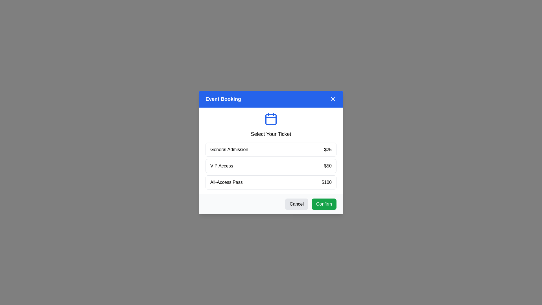  I want to click on the 'Cancel' button with a light gray background and black text, located at the bottom right corner of the 'Event Booking' dialog box for keyboard interaction support, so click(296, 204).